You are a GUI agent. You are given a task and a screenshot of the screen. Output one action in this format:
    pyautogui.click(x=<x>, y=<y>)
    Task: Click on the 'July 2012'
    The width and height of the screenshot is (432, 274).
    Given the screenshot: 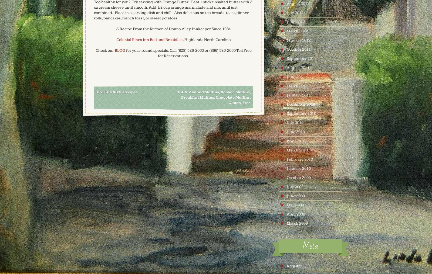 What is the action you would take?
    pyautogui.click(x=286, y=12)
    